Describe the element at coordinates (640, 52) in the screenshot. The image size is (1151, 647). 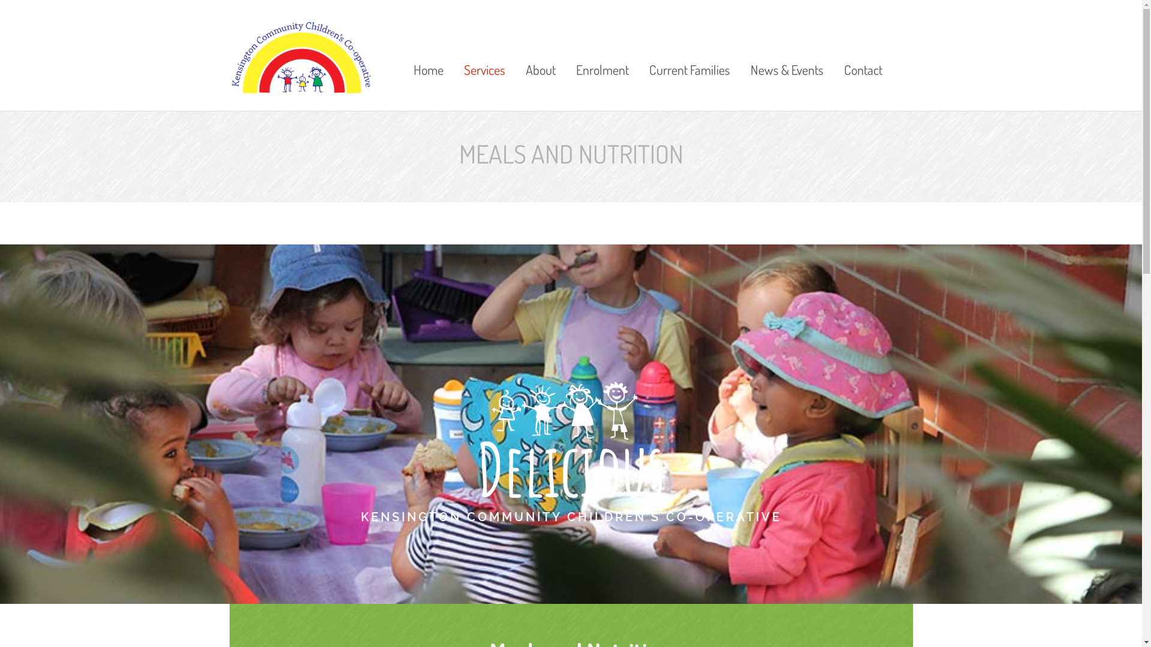
I see `'Current Families'` at that location.